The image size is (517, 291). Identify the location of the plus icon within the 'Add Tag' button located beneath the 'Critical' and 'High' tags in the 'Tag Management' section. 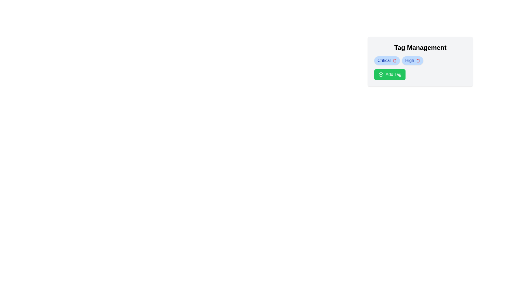
(381, 75).